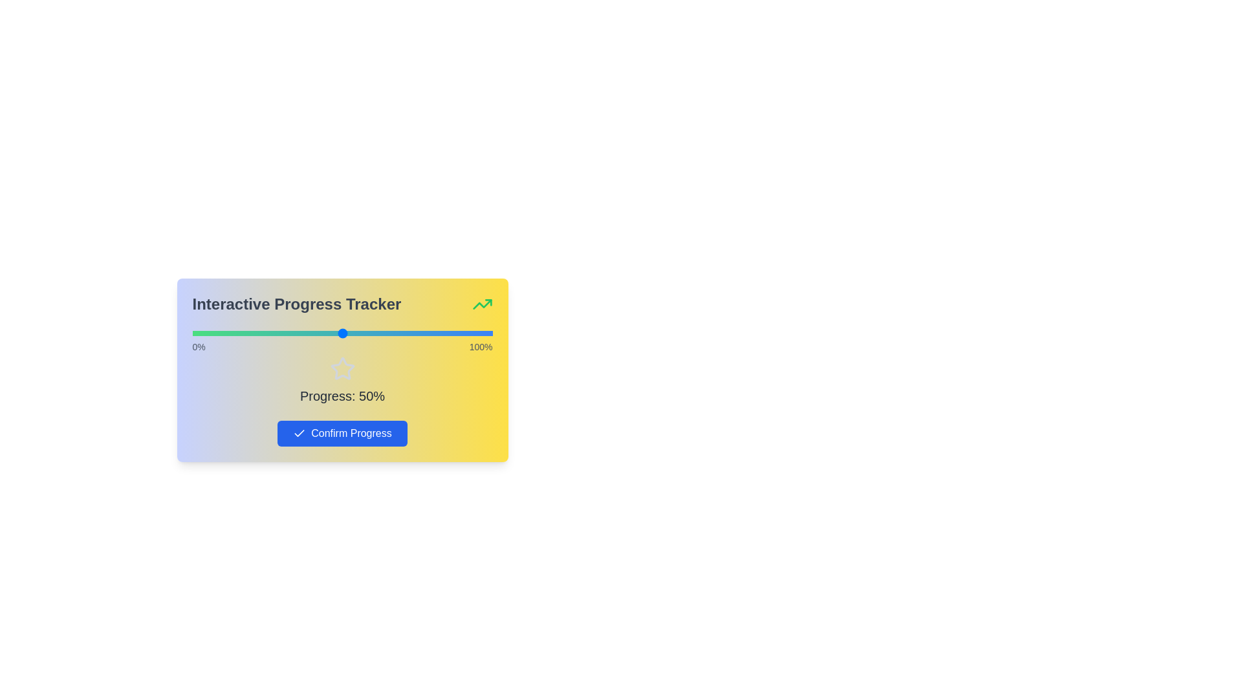  I want to click on the progress slider to 67%, so click(393, 333).